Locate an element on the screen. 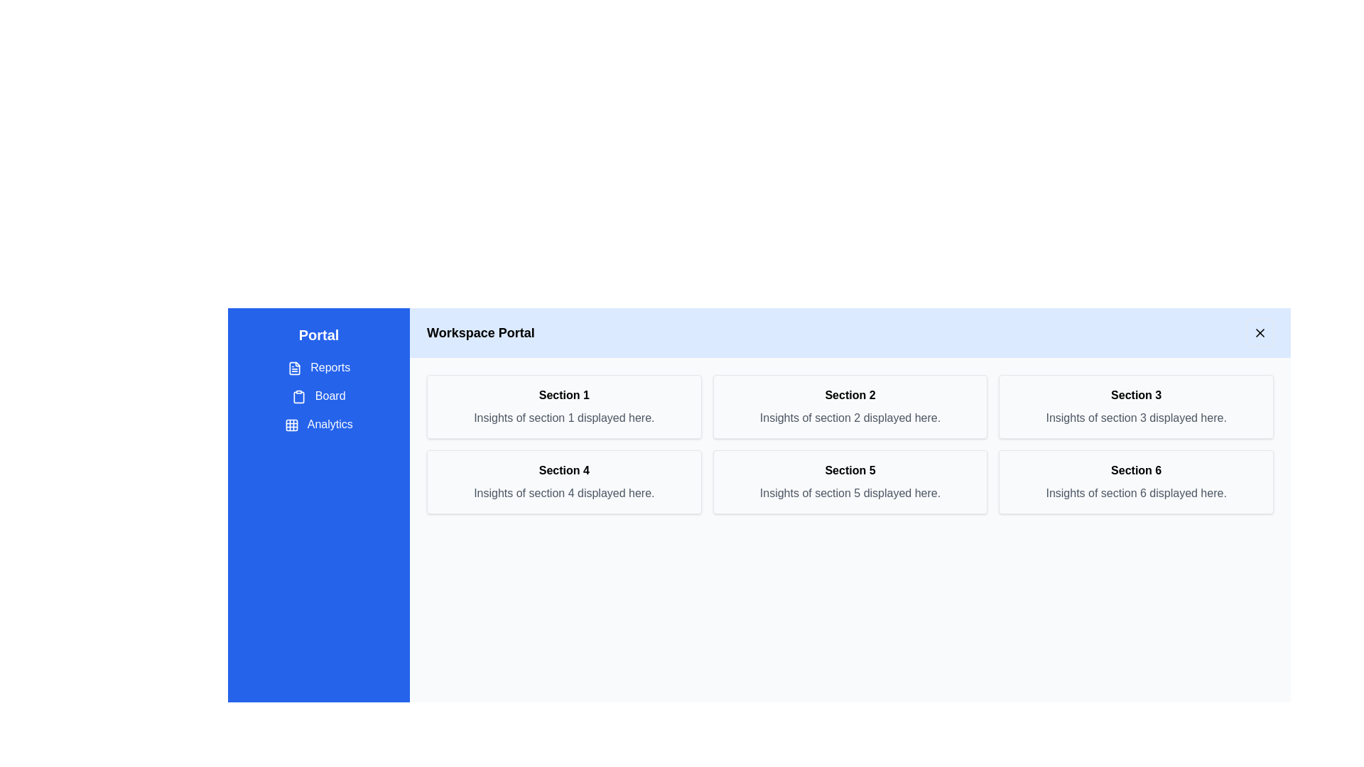 This screenshot has height=767, width=1364. the small diagonal black line forming part of an 'X' shape design located in the top-right corner of the interface, near the edge of a blue banner, which represents a close button or icon is located at coordinates (1260, 333).